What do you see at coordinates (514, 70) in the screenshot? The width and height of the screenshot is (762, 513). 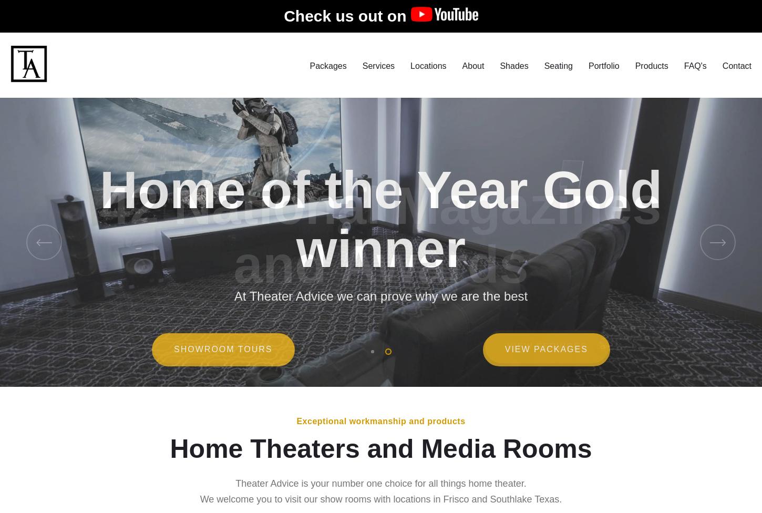 I see `'Shades'` at bounding box center [514, 70].